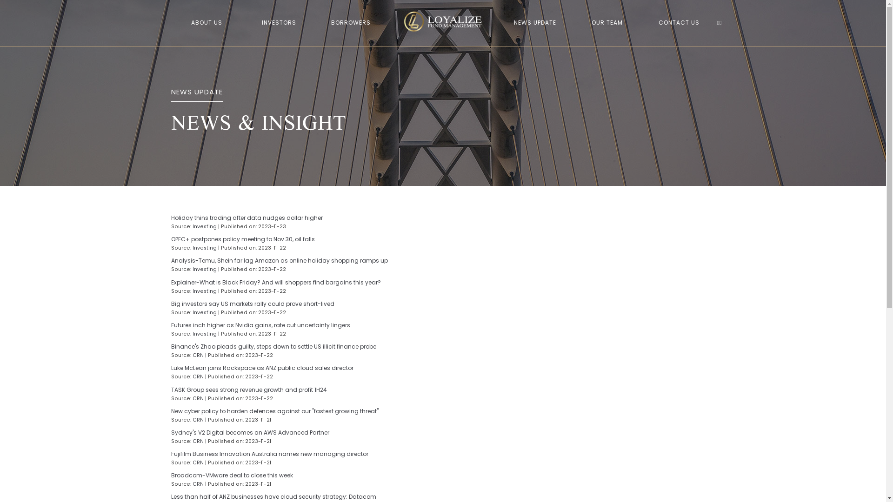  I want to click on 'CONTACT US', so click(679, 22).